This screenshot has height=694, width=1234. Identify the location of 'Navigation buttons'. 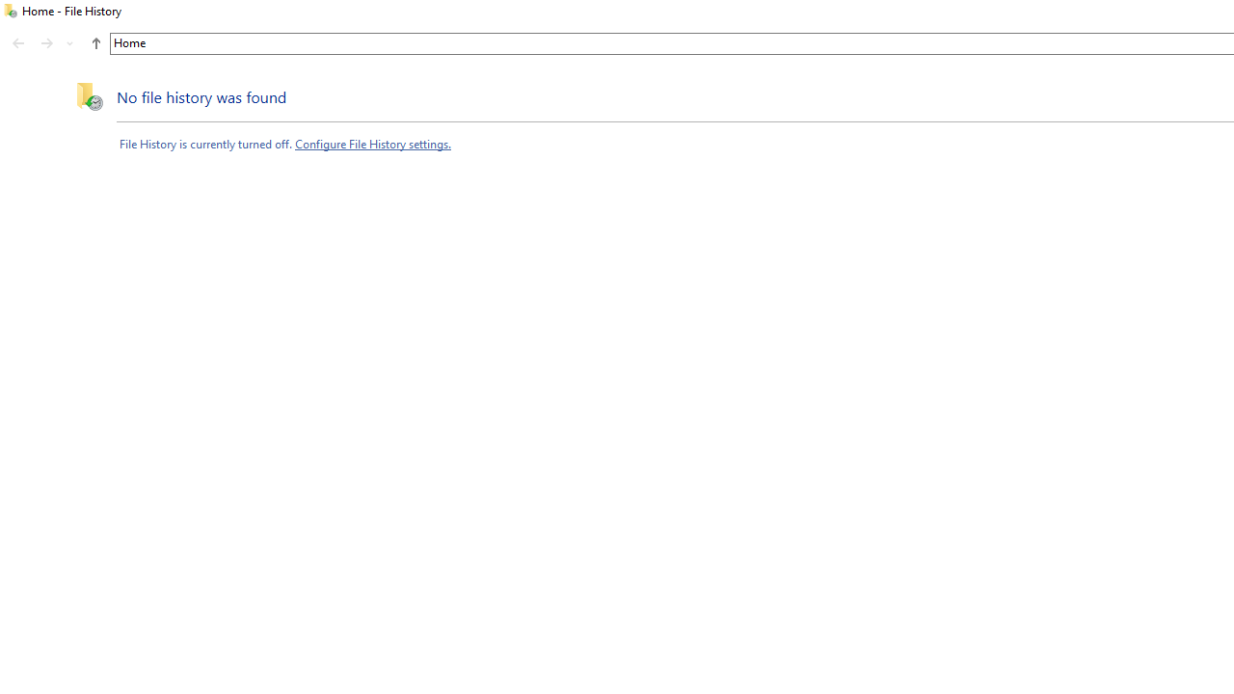
(43, 43).